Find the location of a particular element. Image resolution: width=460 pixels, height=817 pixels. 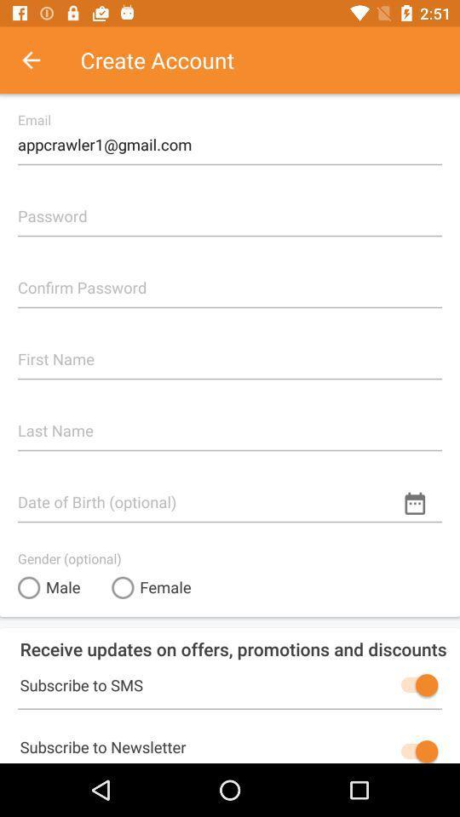

confirm password is located at coordinates (230, 281).